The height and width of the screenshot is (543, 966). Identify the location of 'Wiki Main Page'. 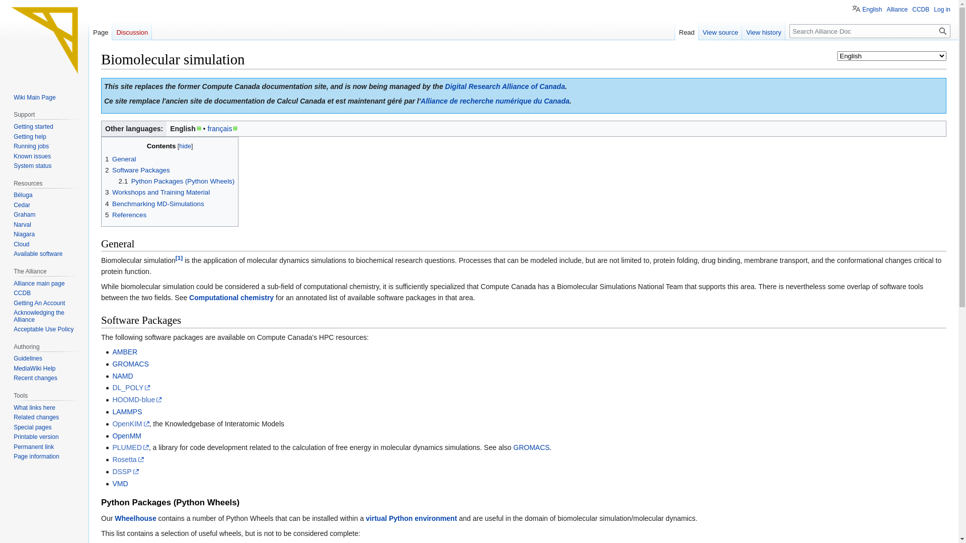
(34, 97).